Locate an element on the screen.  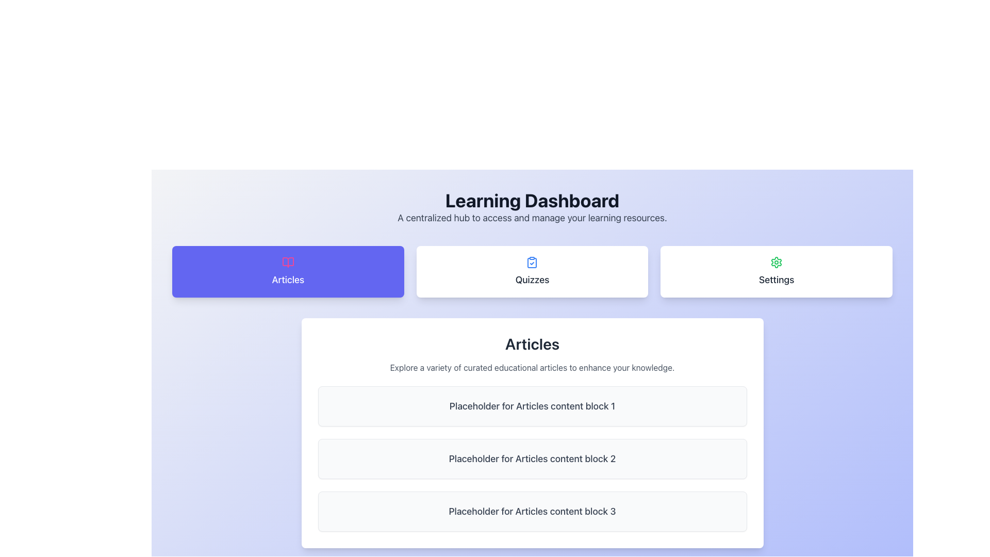
the pink open book icon is located at coordinates (288, 262).